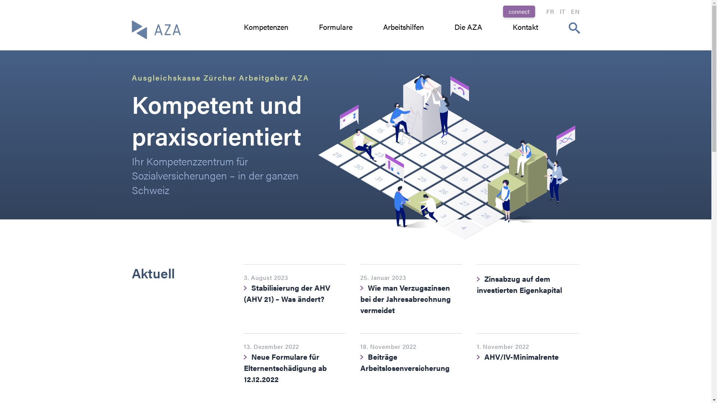 Image resolution: width=717 pixels, height=403 pixels. I want to click on 'connect', so click(518, 11).